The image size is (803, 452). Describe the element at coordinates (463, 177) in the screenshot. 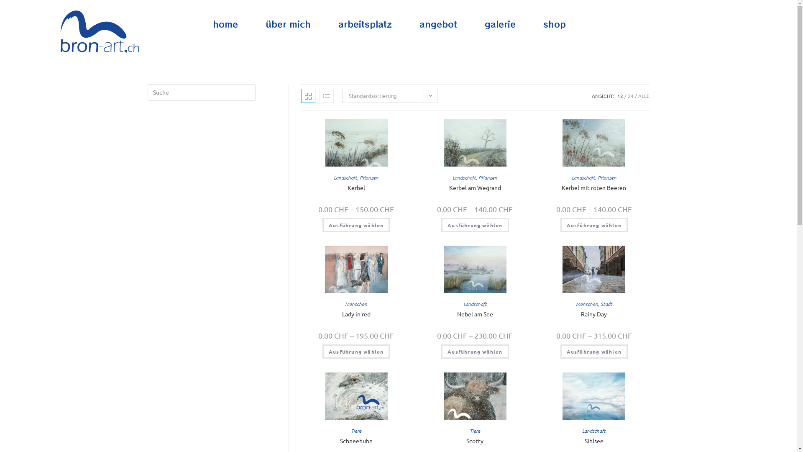

I see `'Landschaft'` at that location.